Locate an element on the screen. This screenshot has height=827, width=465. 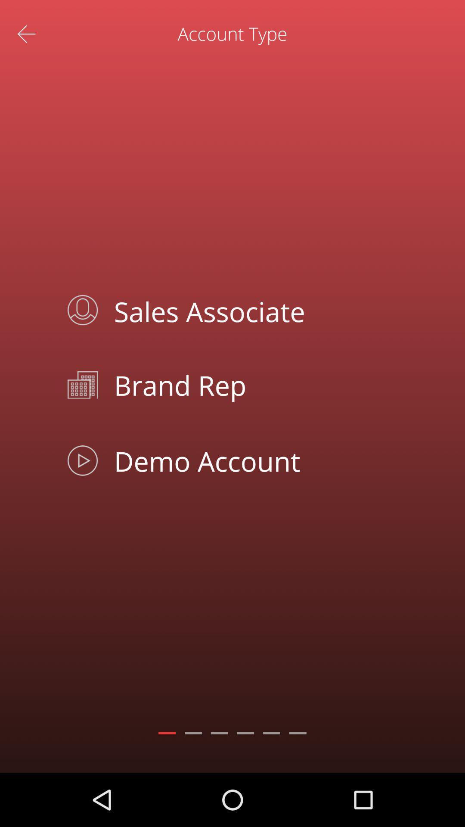
sales associate is located at coordinates (252, 310).